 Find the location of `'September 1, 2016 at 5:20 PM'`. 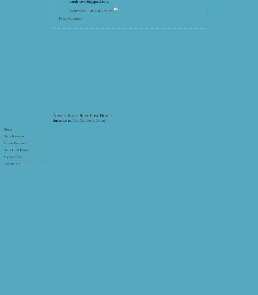

'September 1, 2016 at 5:20 PM' is located at coordinates (70, 10).